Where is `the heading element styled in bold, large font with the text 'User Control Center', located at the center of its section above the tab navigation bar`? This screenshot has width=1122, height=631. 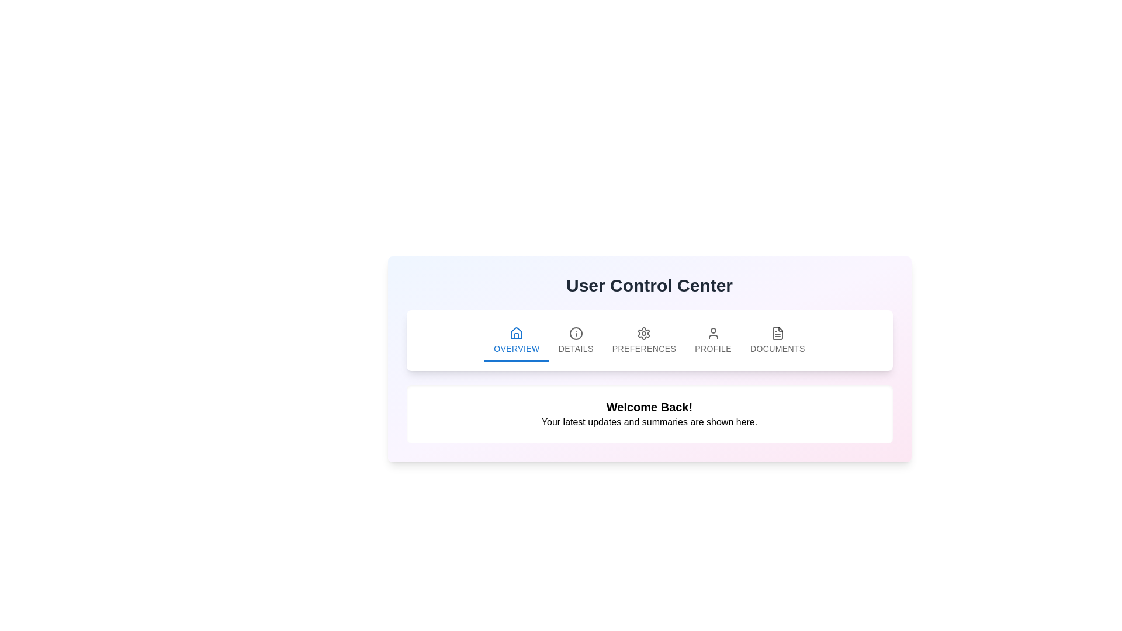
the heading element styled in bold, large font with the text 'User Control Center', located at the center of its section above the tab navigation bar is located at coordinates (649, 286).